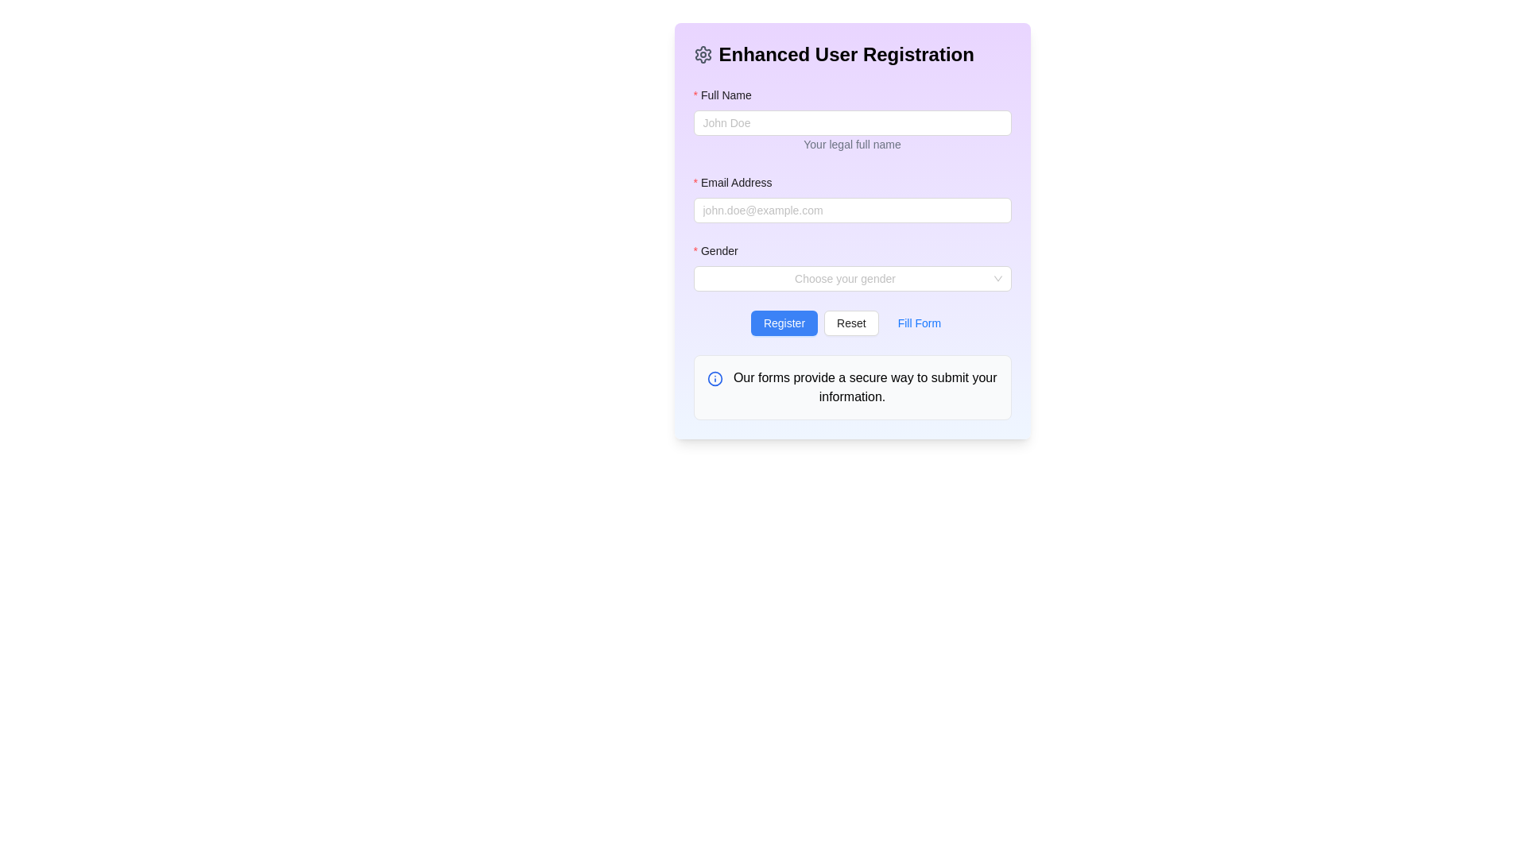 Image resolution: width=1526 pixels, height=858 pixels. I want to click on the instructional text label displaying 'Your legal full name' located below the 'Full Name' input field in the form, so click(851, 131).